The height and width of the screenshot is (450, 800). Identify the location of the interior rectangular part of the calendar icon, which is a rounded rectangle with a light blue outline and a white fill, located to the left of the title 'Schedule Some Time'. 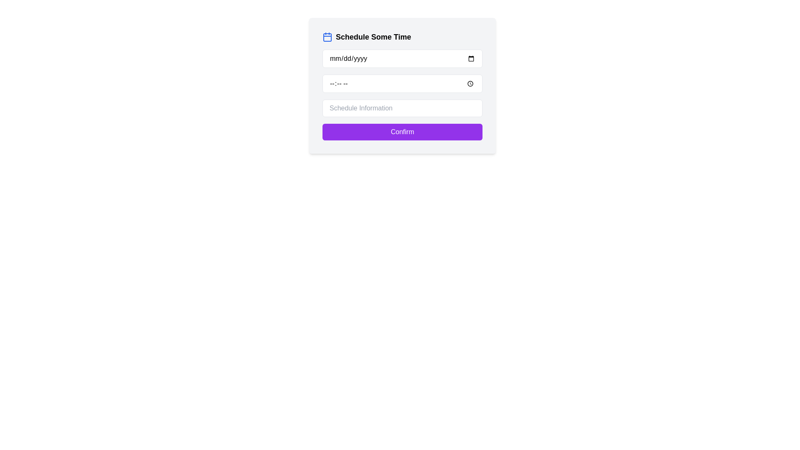
(327, 37).